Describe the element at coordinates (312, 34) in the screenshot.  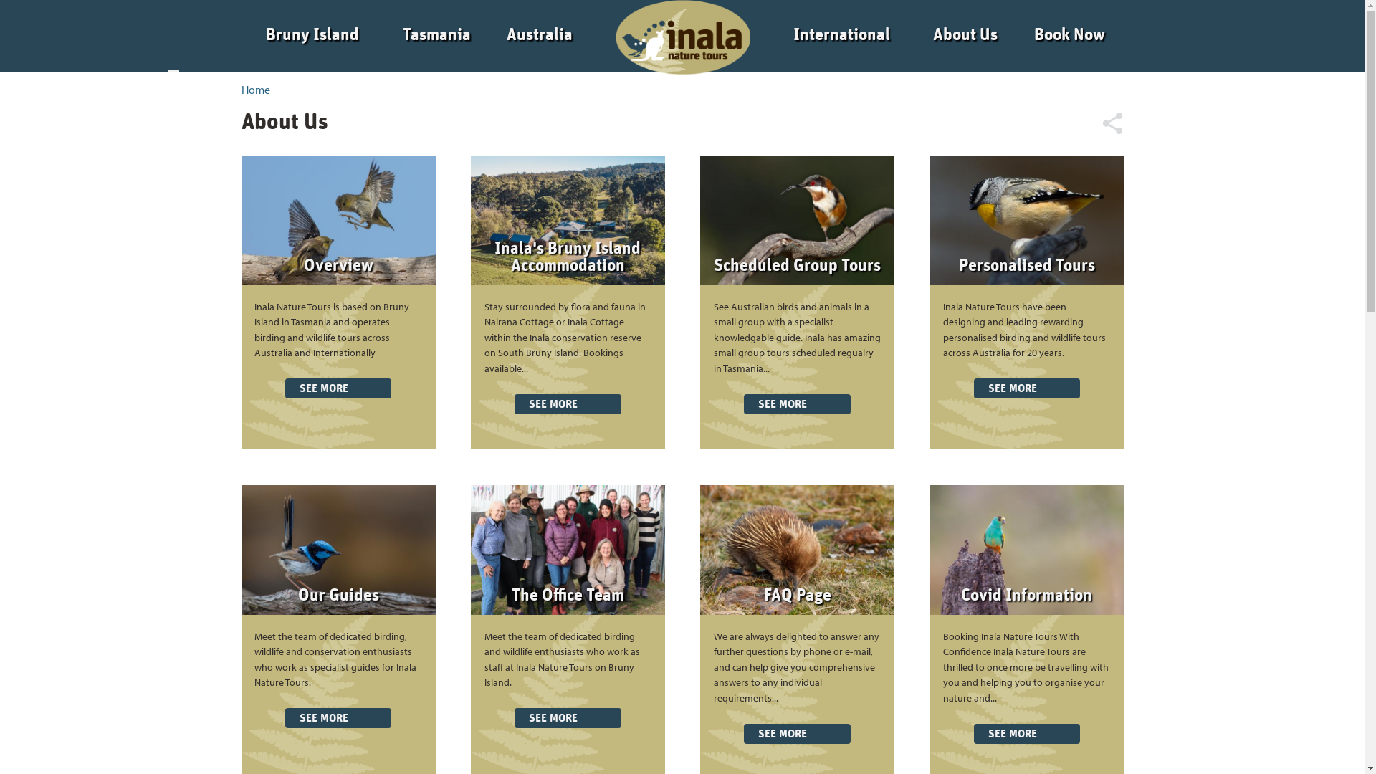
I see `'Bruny Island'` at that location.